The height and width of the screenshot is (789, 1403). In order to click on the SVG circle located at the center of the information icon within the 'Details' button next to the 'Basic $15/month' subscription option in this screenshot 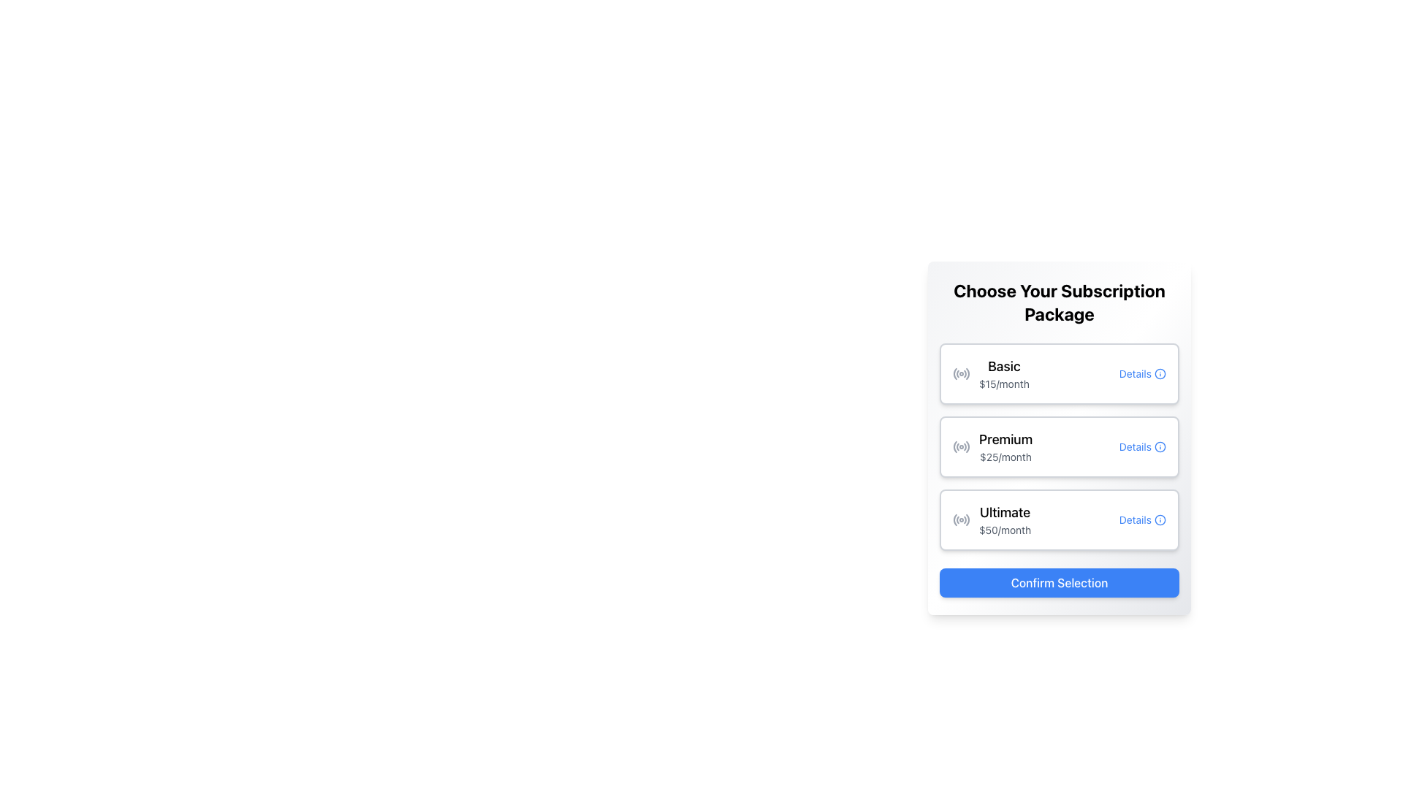, I will do `click(1160, 373)`.